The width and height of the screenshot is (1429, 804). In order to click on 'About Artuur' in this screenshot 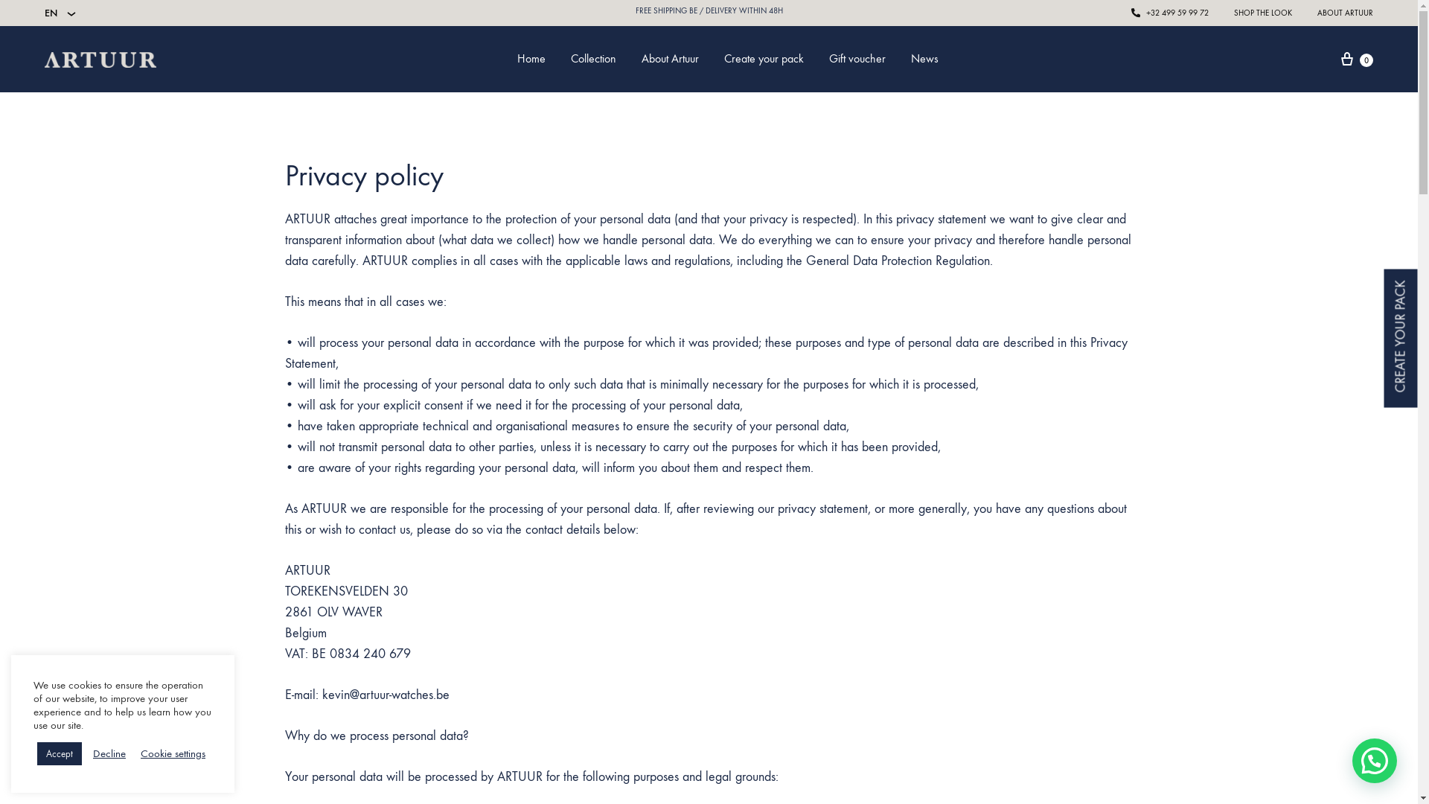, I will do `click(642, 58)`.